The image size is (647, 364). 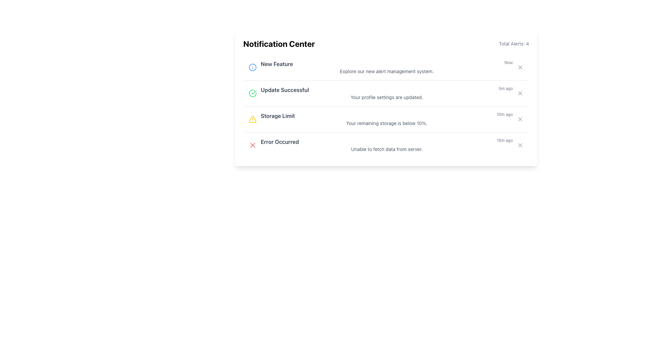 What do you see at coordinates (520, 93) in the screenshot?
I see `the dismiss button located to the far right of the notification message labeled 'Update Successful', adjacent to the timestamp '5m ago'` at bounding box center [520, 93].